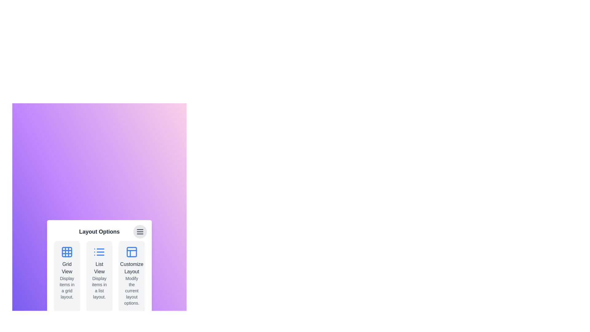 The width and height of the screenshot is (590, 332). What do you see at coordinates (99, 276) in the screenshot?
I see `the layout option card corresponding to List View to highlight it` at bounding box center [99, 276].